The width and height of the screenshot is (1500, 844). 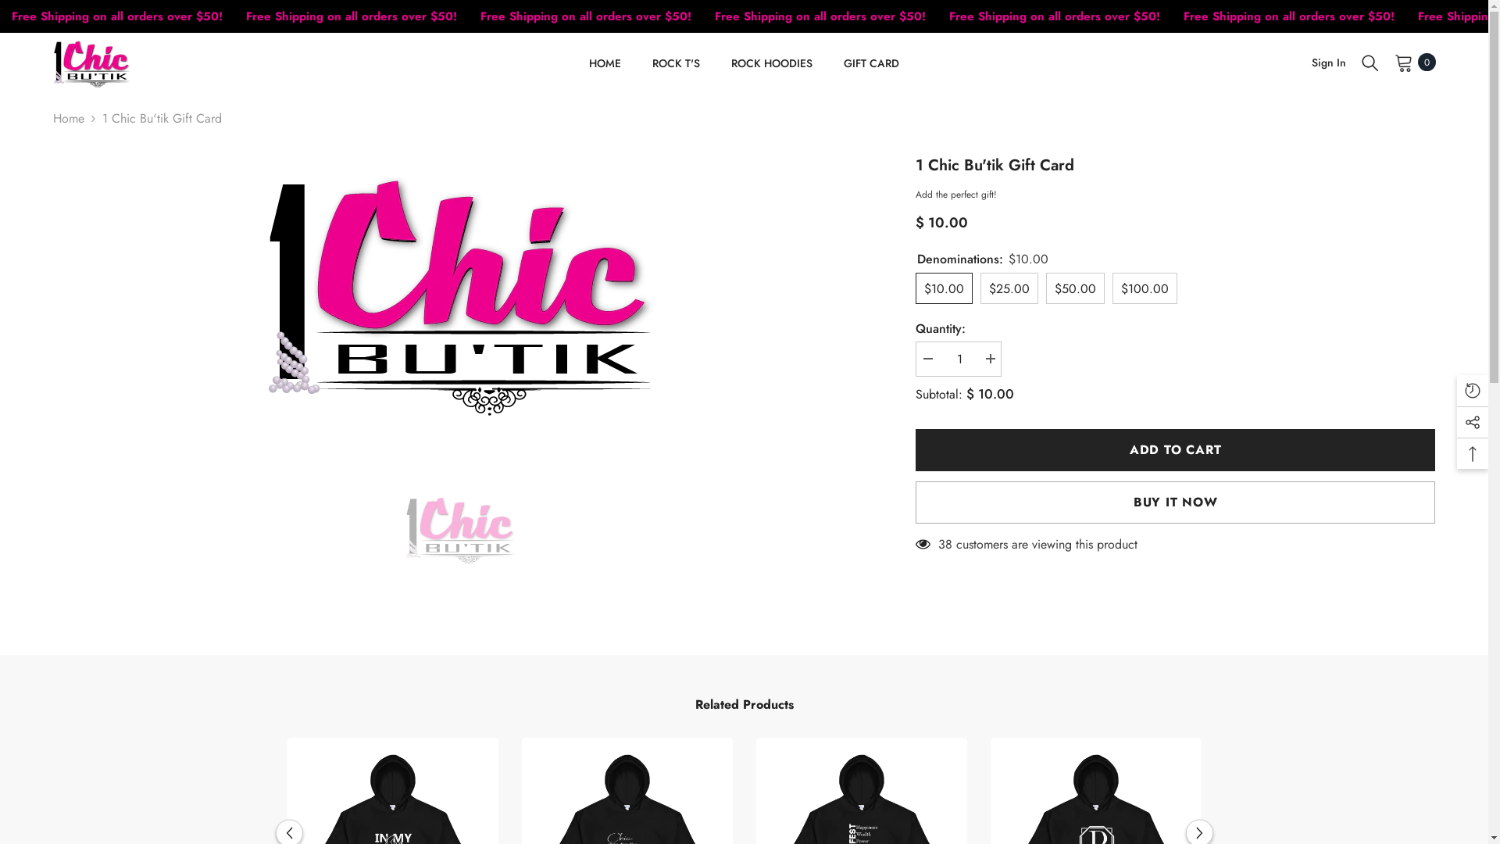 What do you see at coordinates (870, 73) in the screenshot?
I see `'GIFT CARD'` at bounding box center [870, 73].